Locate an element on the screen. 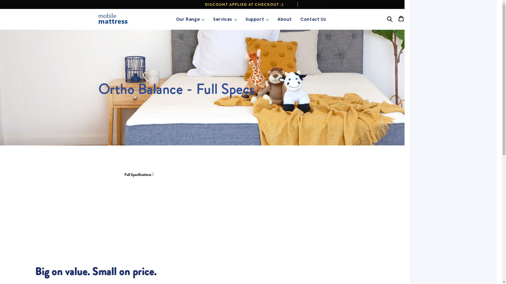 This screenshot has width=506, height=284. 'Contact Us' is located at coordinates (313, 19).